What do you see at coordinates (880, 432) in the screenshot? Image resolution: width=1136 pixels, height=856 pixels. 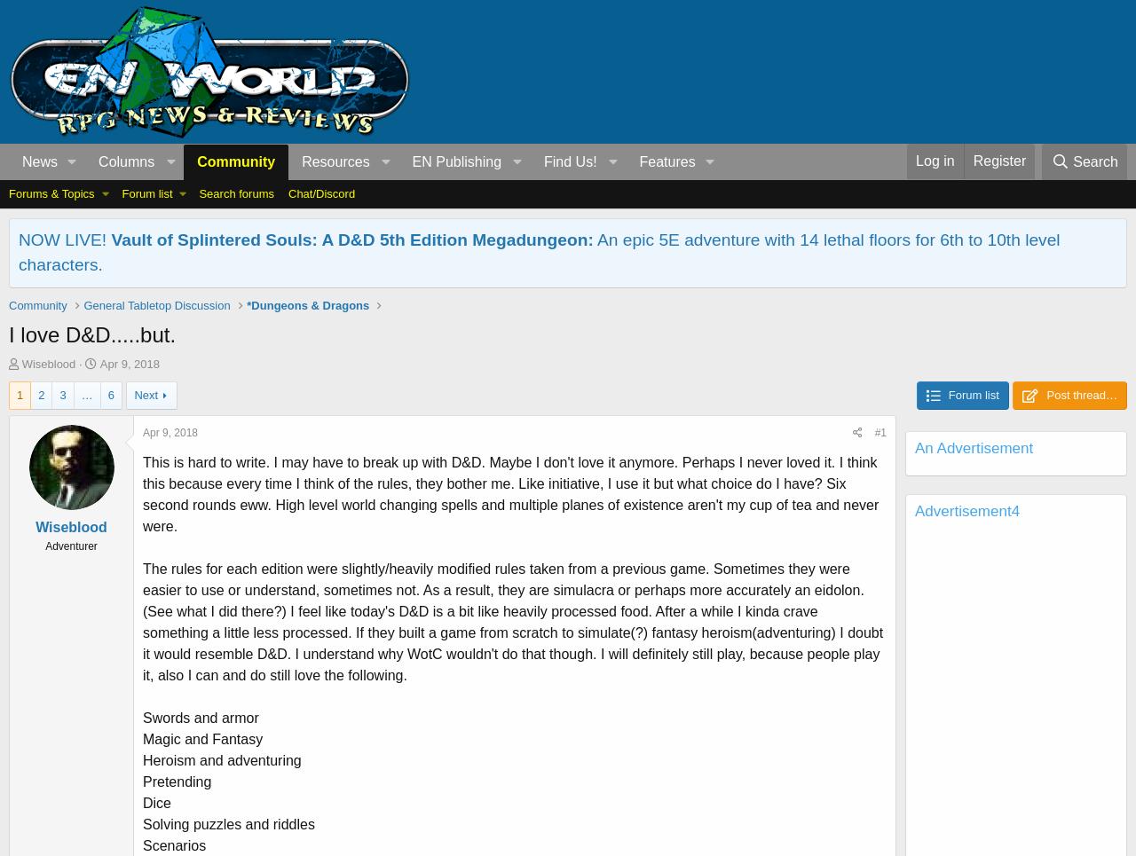 I see `'#1'` at bounding box center [880, 432].